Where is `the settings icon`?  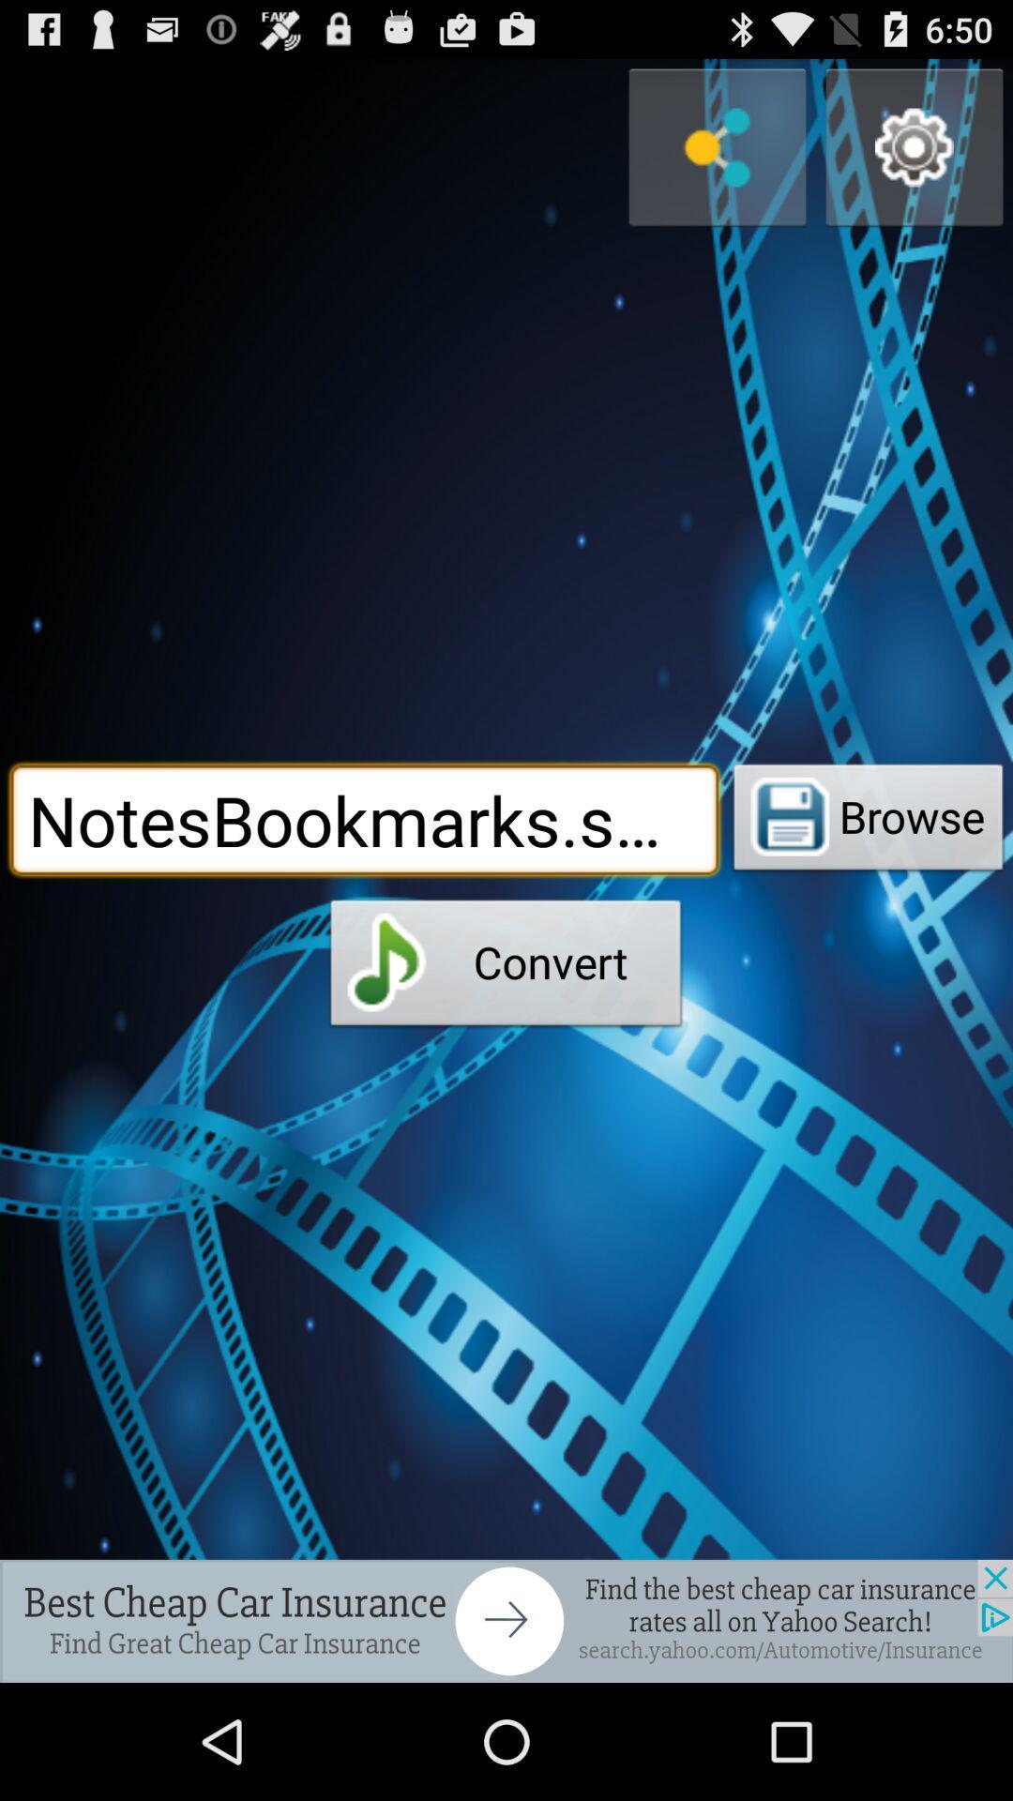 the settings icon is located at coordinates (914, 158).